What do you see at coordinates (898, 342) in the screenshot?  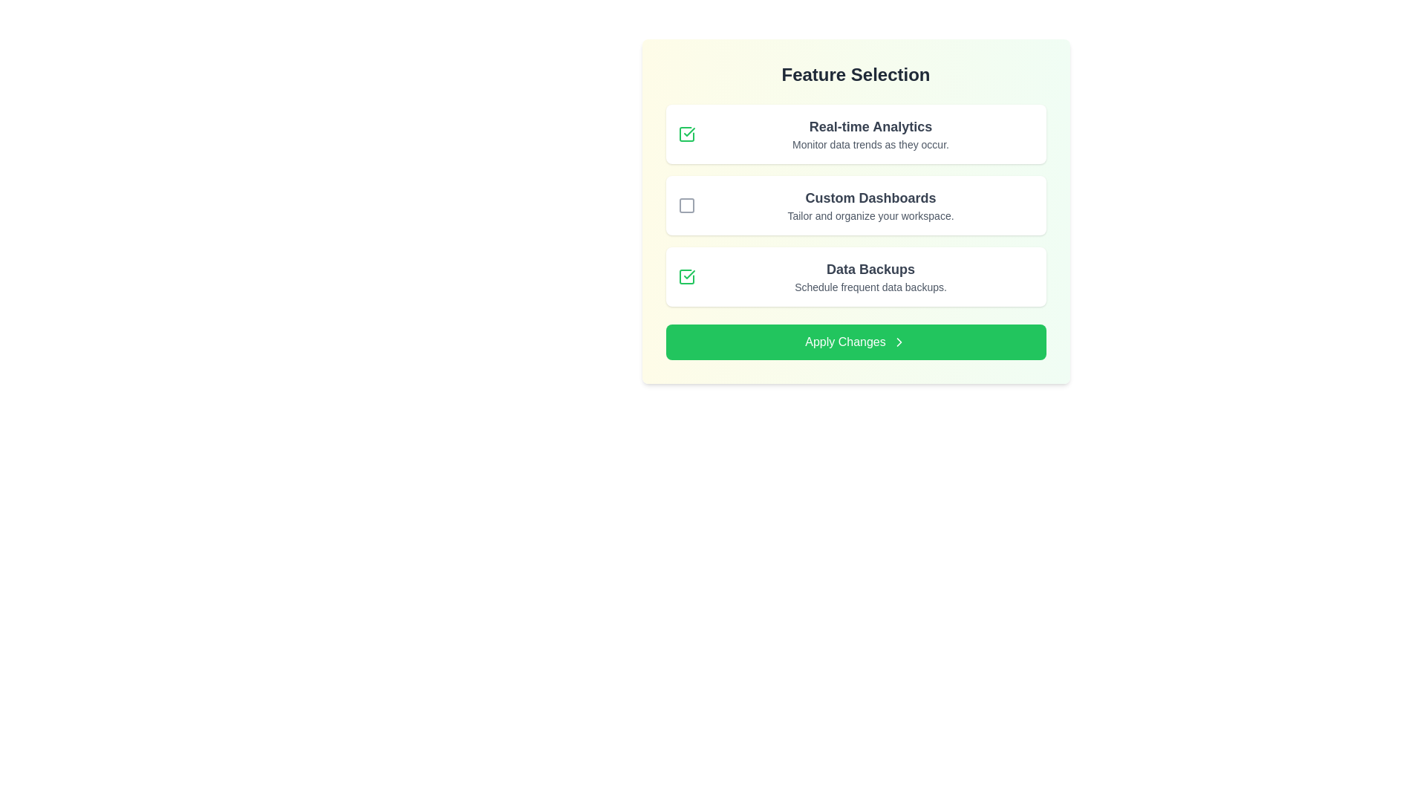 I see `the rightward-pointing chevron arrow icon, which is a triangular vector graphic located to the right of the 'Apply Changes' button at the bottom of the interface` at bounding box center [898, 342].